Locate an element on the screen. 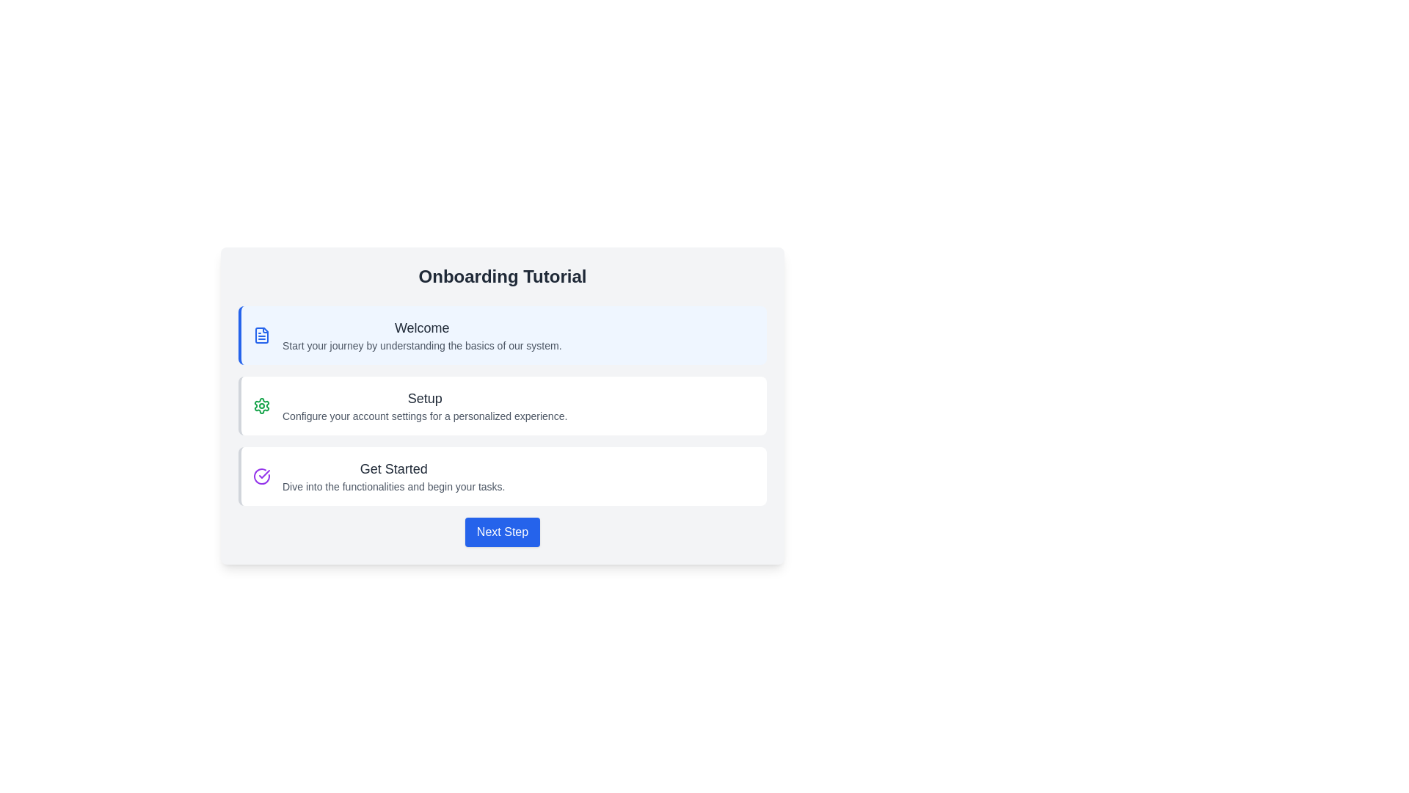  descriptive subtitle or instruction text positioned below the 'Setup' text in the second section of the setup tutorial interface is located at coordinates (424, 416).